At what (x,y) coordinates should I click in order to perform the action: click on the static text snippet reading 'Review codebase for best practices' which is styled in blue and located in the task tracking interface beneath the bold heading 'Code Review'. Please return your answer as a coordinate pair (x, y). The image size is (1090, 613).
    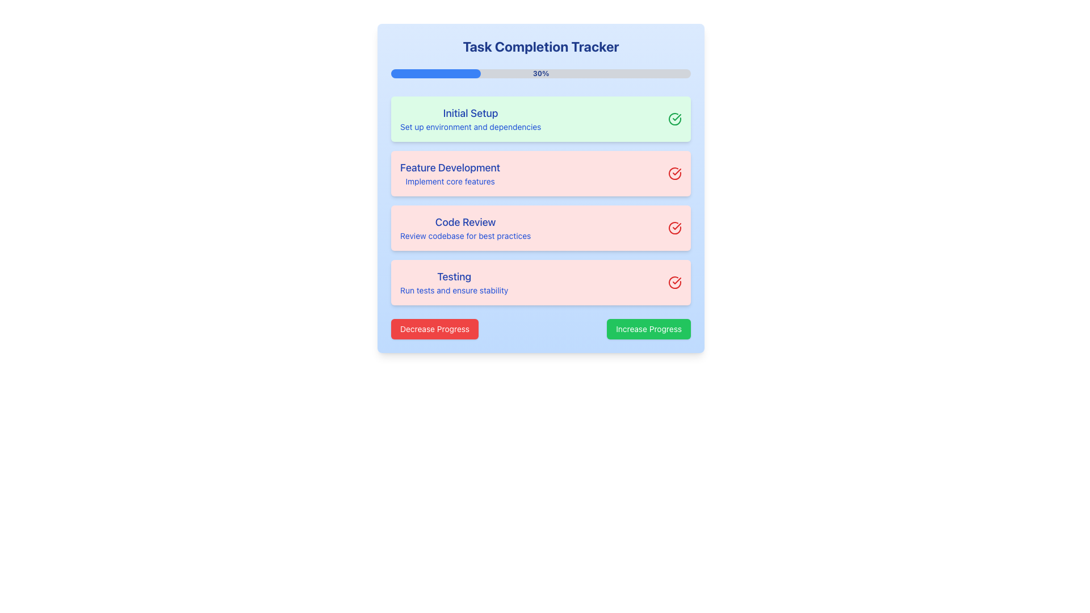
    Looking at the image, I should click on (466, 236).